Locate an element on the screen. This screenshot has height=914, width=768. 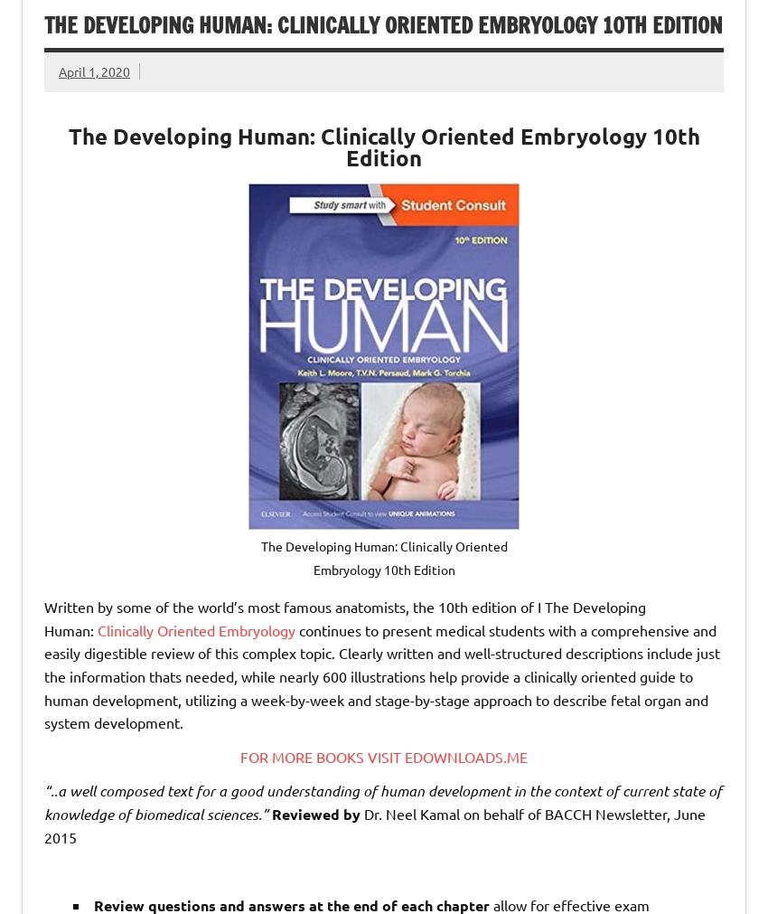
'“..a well composed text for a good understanding of human development in the context of current state of knowledge of biomedical sciences.”' is located at coordinates (382, 802).